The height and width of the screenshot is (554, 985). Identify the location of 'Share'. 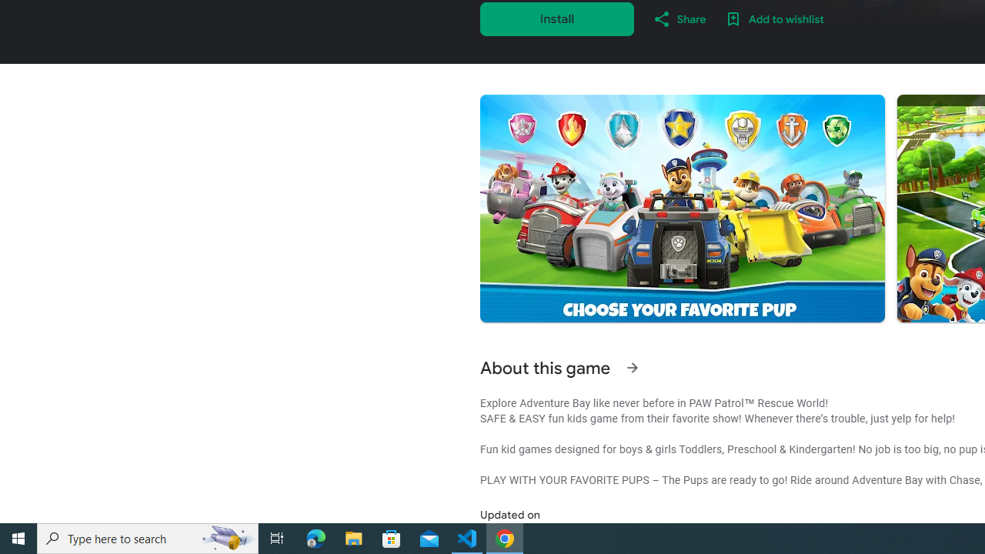
(677, 18).